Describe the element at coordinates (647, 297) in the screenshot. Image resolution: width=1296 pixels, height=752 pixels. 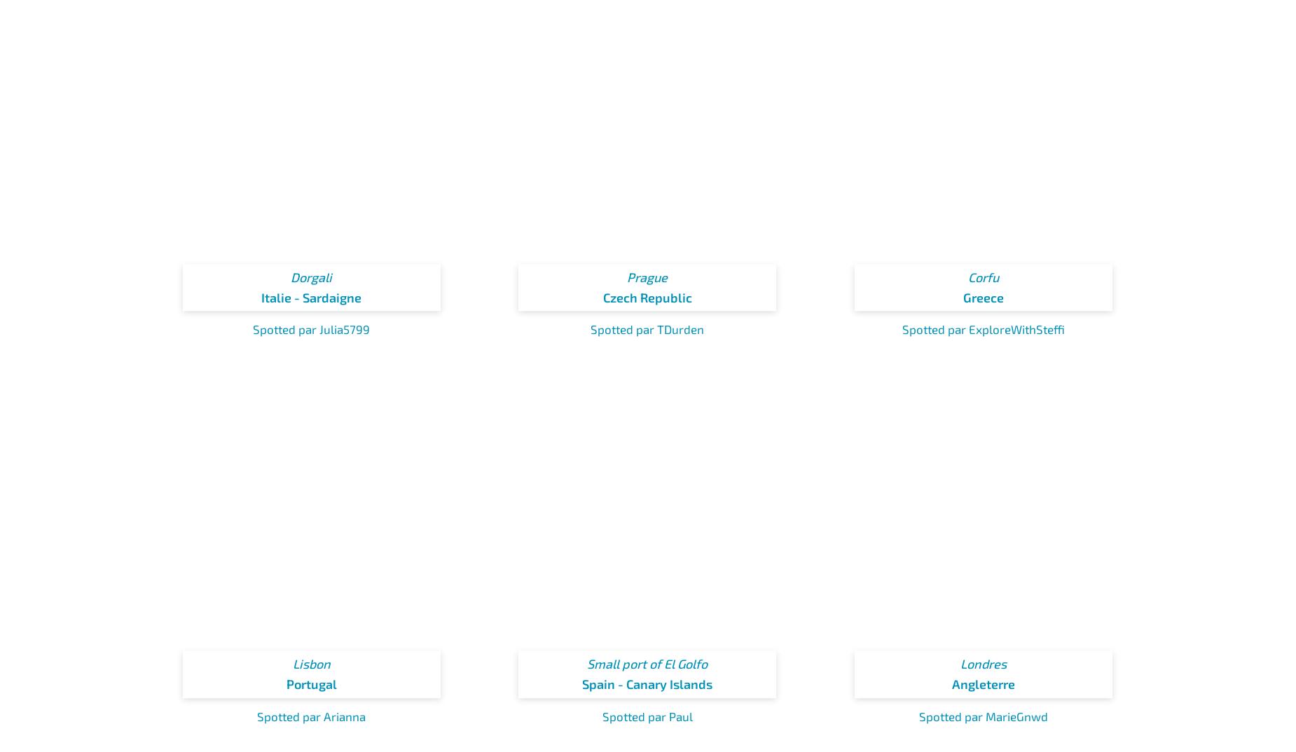
I see `'Czech Republic'` at that location.